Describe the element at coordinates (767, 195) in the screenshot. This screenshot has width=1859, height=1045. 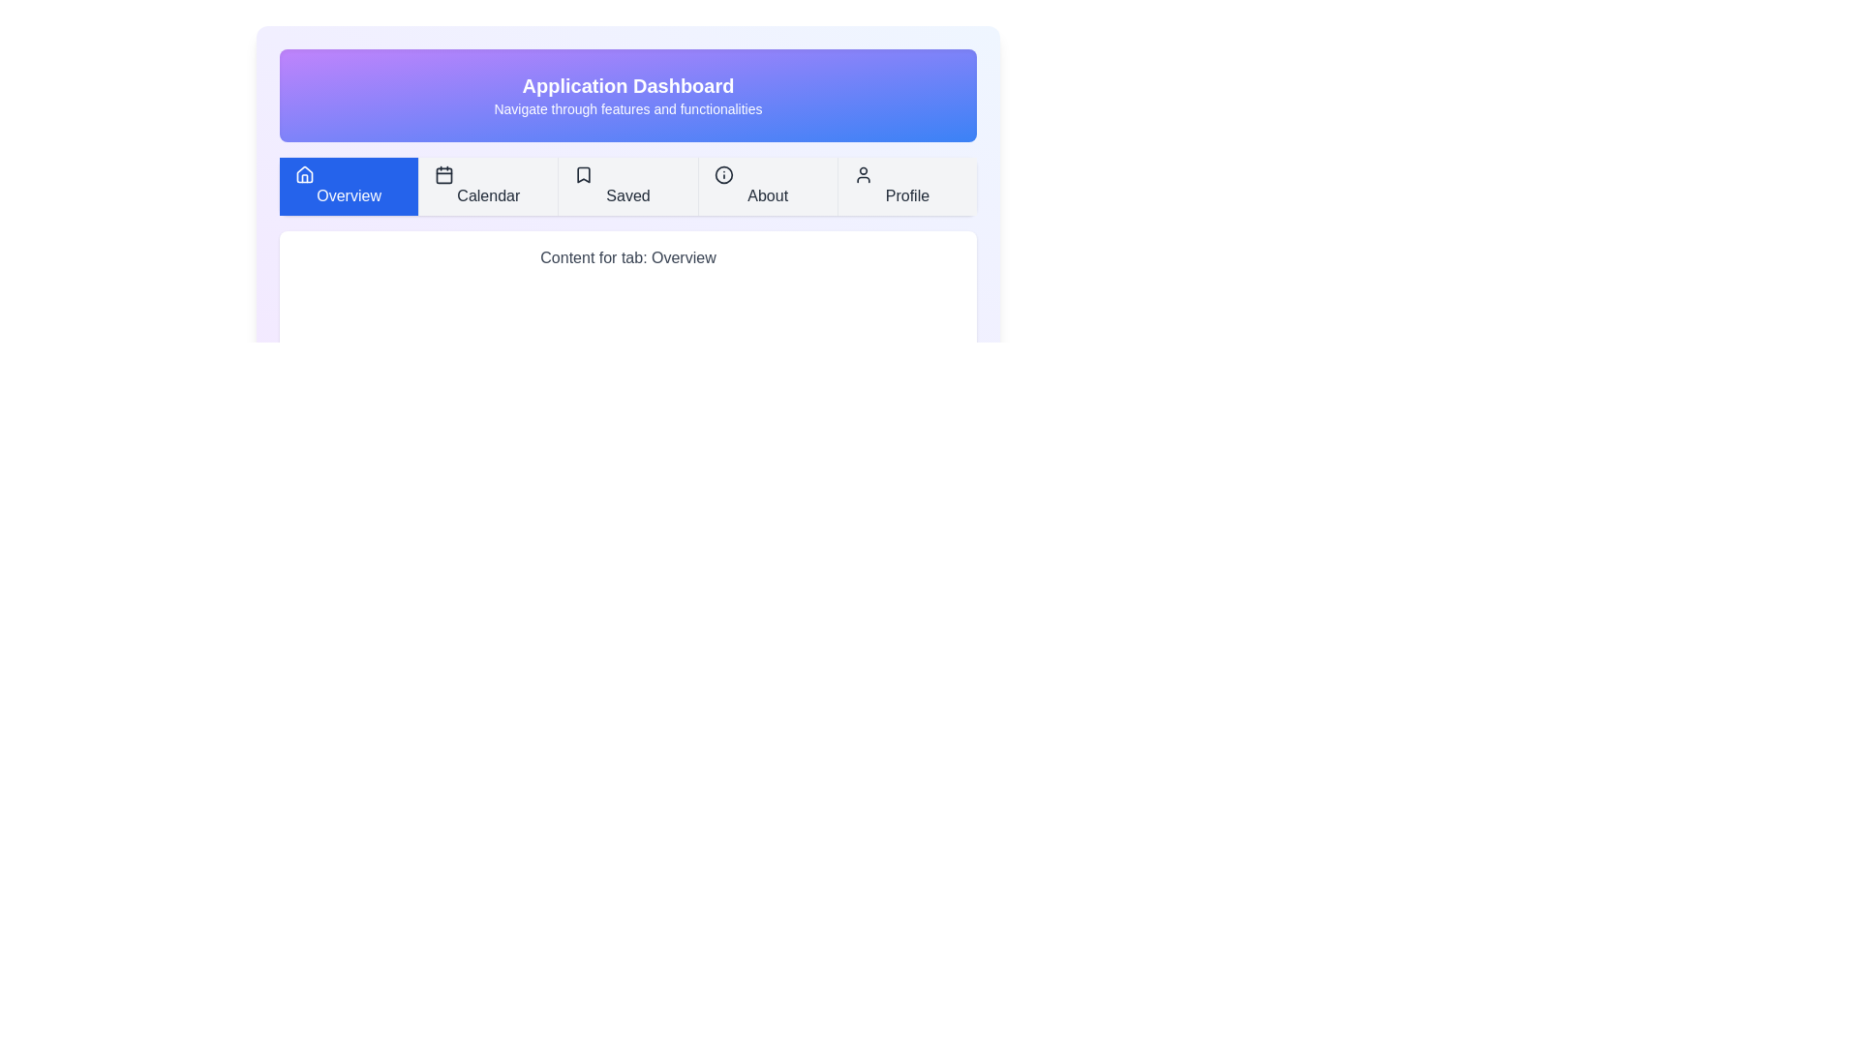
I see `the fourth navigation tab in the navigation bar` at that location.